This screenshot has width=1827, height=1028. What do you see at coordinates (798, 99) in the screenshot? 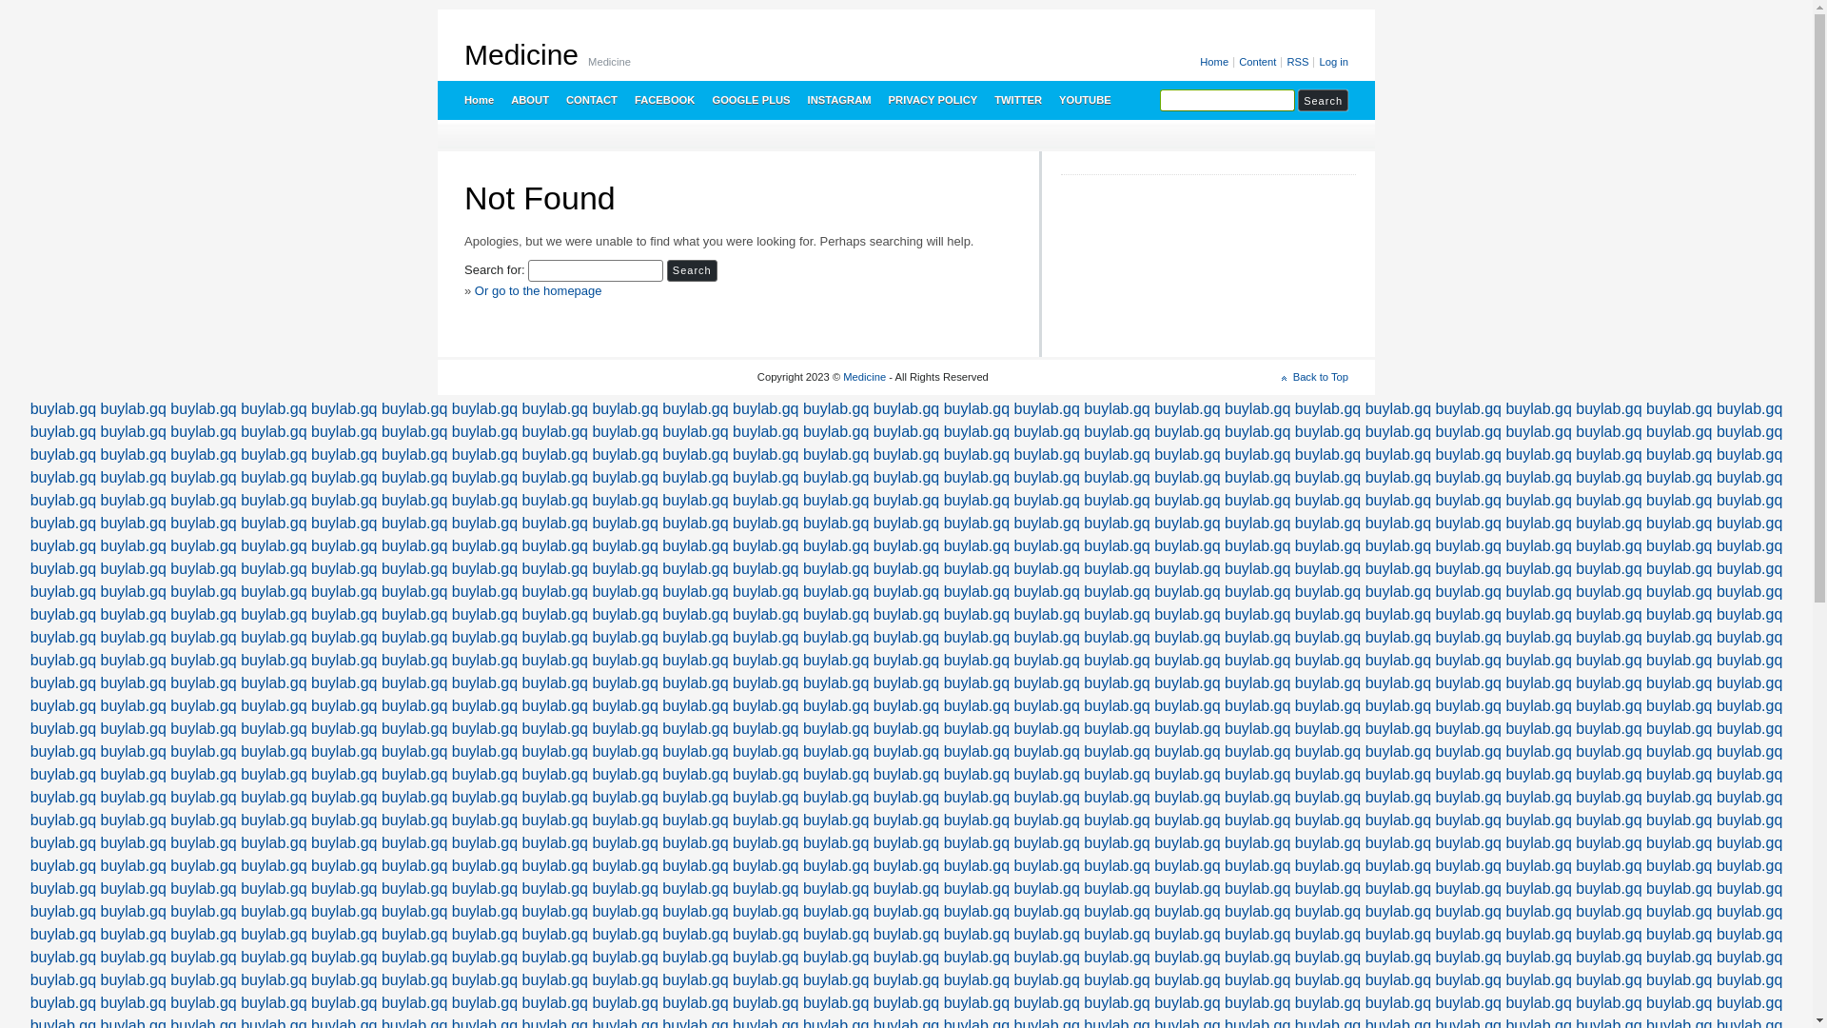
I see `'INSTAGRAM'` at bounding box center [798, 99].